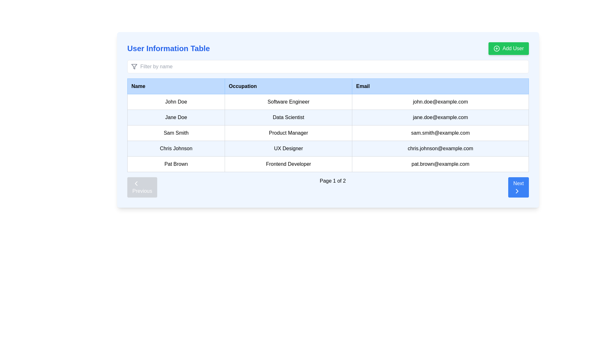 This screenshot has height=343, width=611. I want to click on the blue 'Next' button with white text and a right-pointing arrow icon, so click(518, 187).